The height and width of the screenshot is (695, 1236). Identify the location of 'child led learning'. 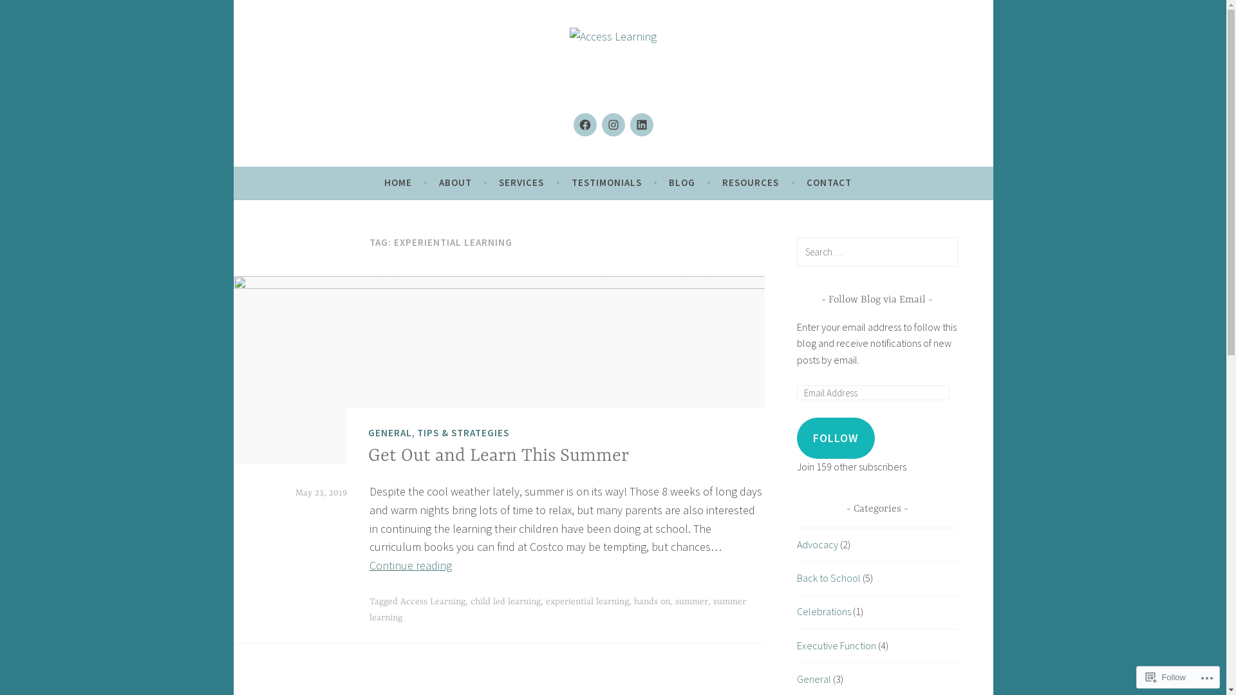
(504, 601).